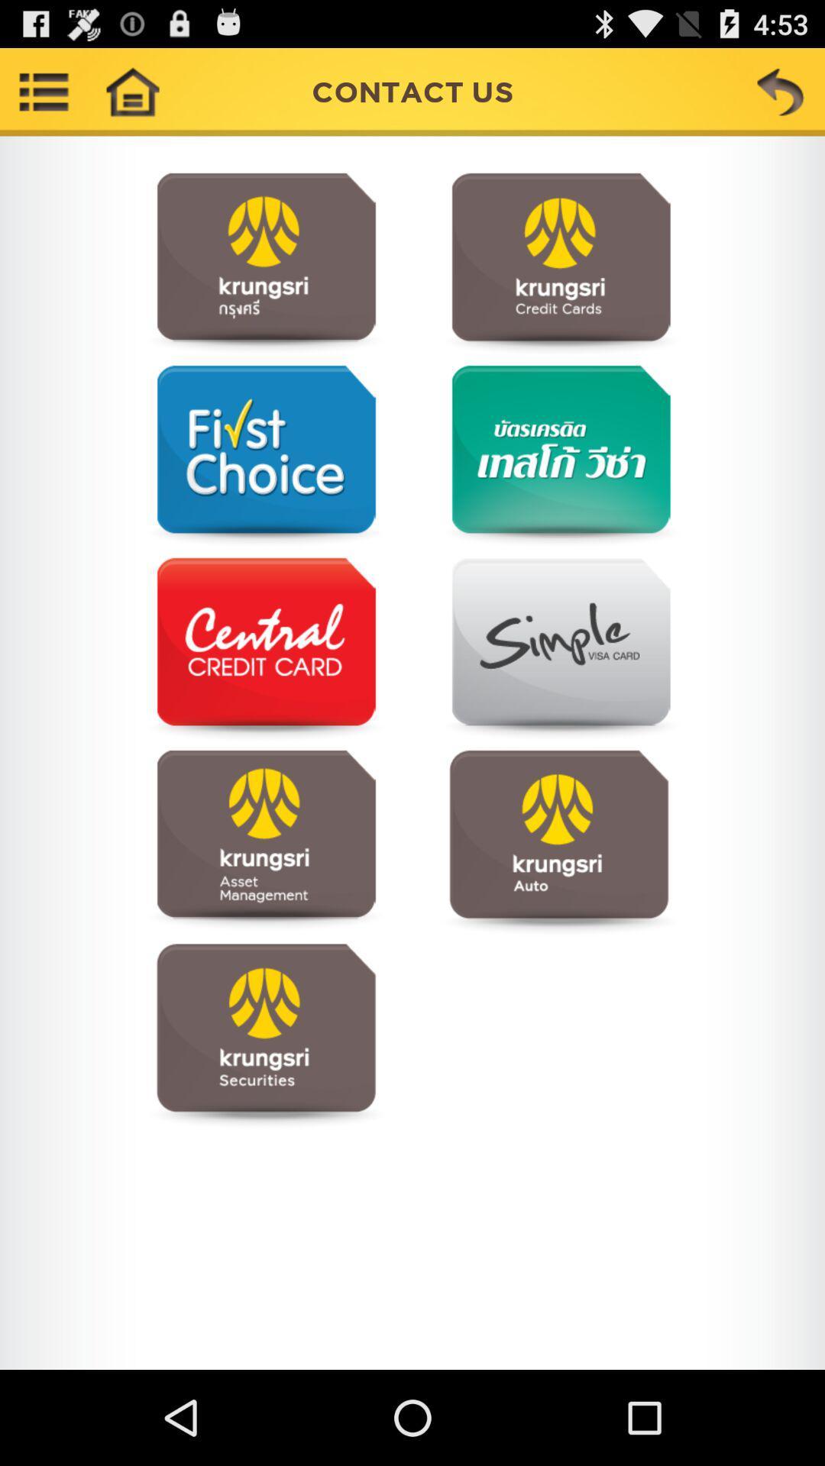  I want to click on this app, so click(558, 456).